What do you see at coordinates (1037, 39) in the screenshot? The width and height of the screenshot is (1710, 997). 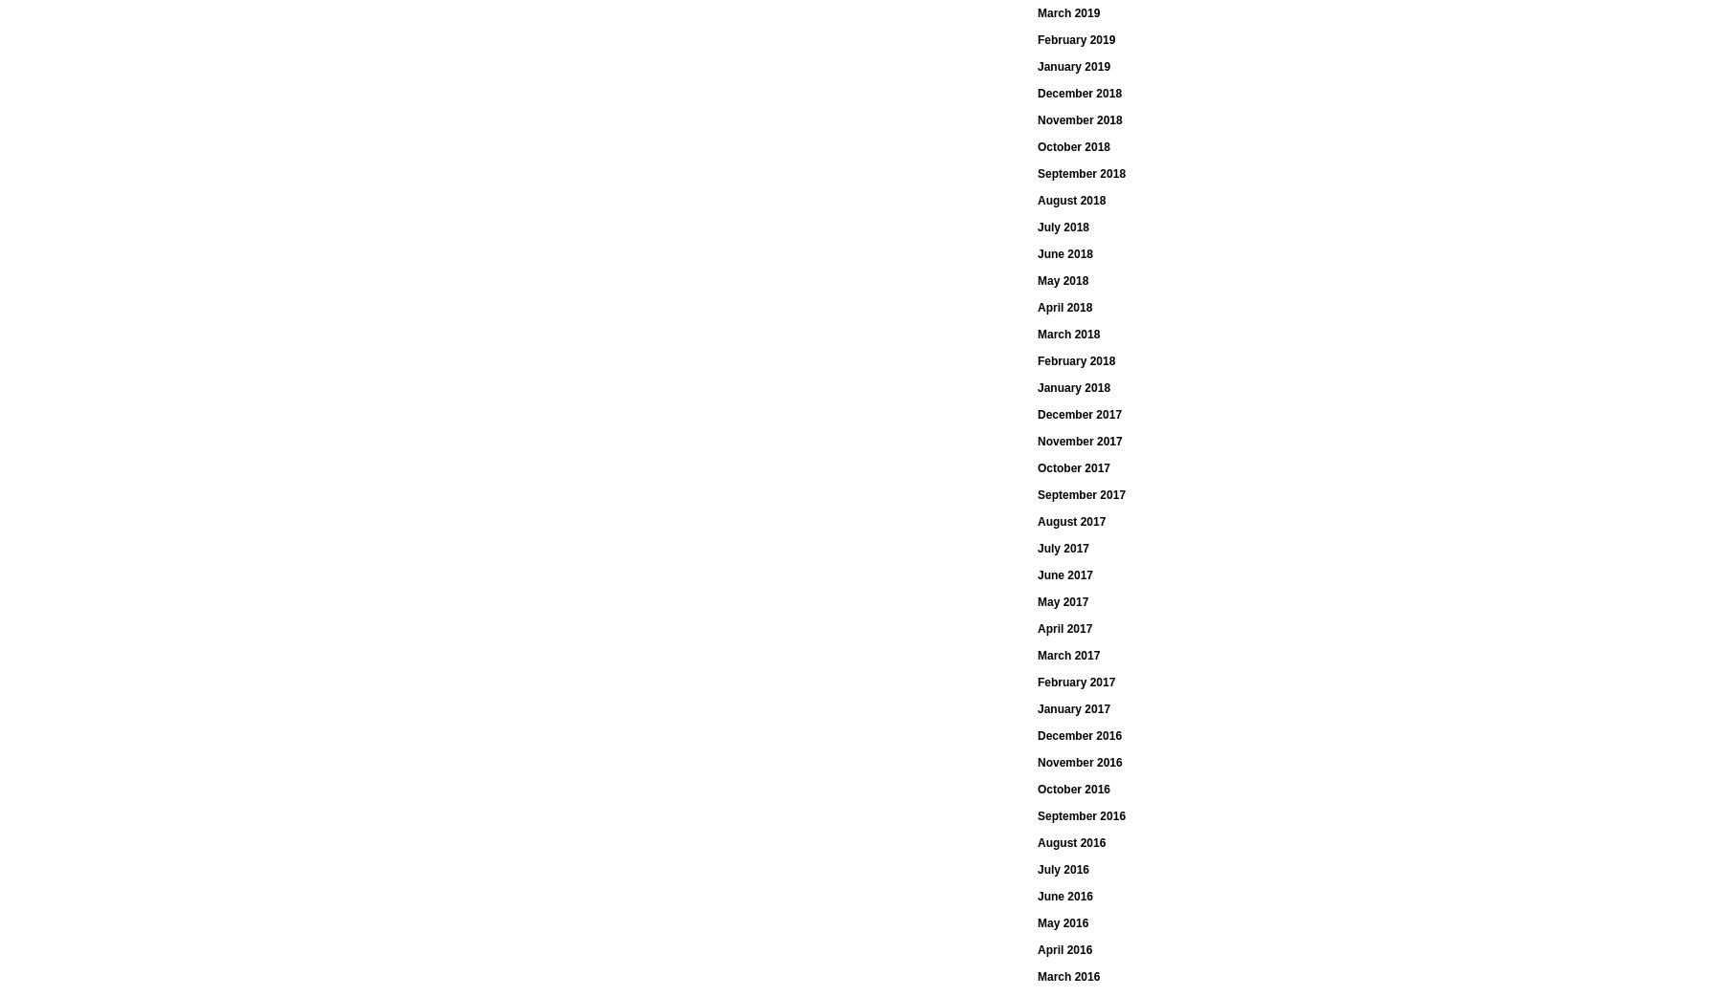 I see `'February 2019'` at bounding box center [1037, 39].